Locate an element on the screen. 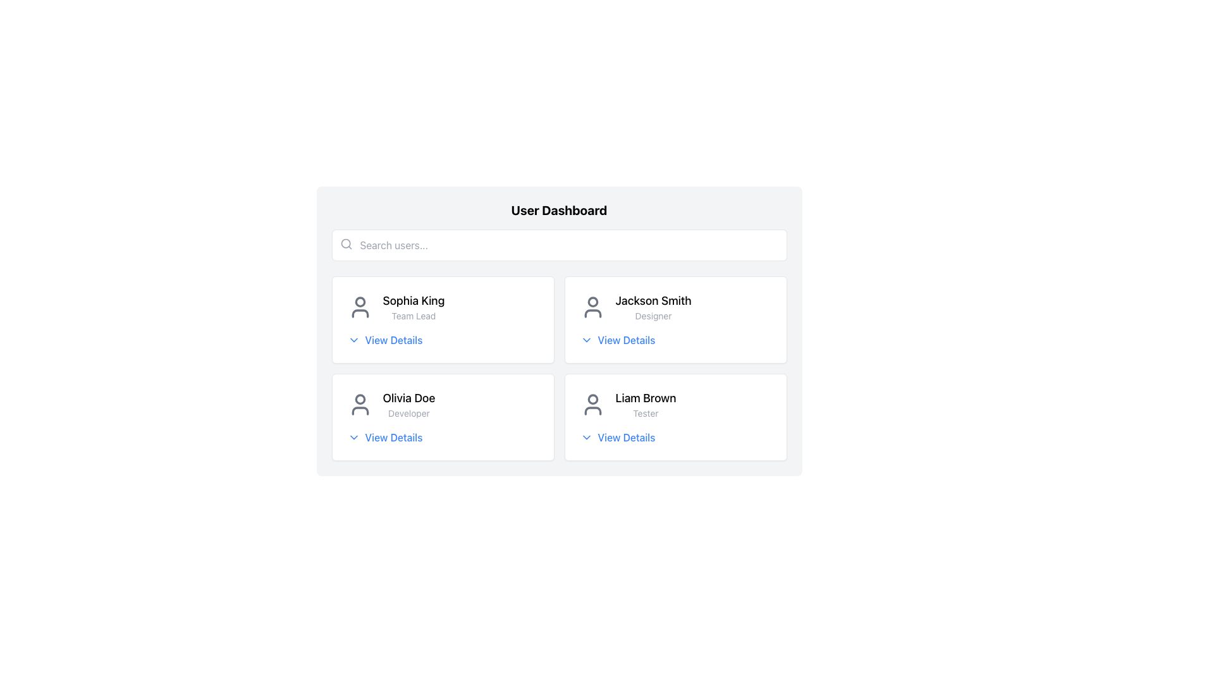  text label that says 'Designer', which is styled with a gray font color and is located under the name 'Jackson Smith' in the user information card is located at coordinates (653, 316).